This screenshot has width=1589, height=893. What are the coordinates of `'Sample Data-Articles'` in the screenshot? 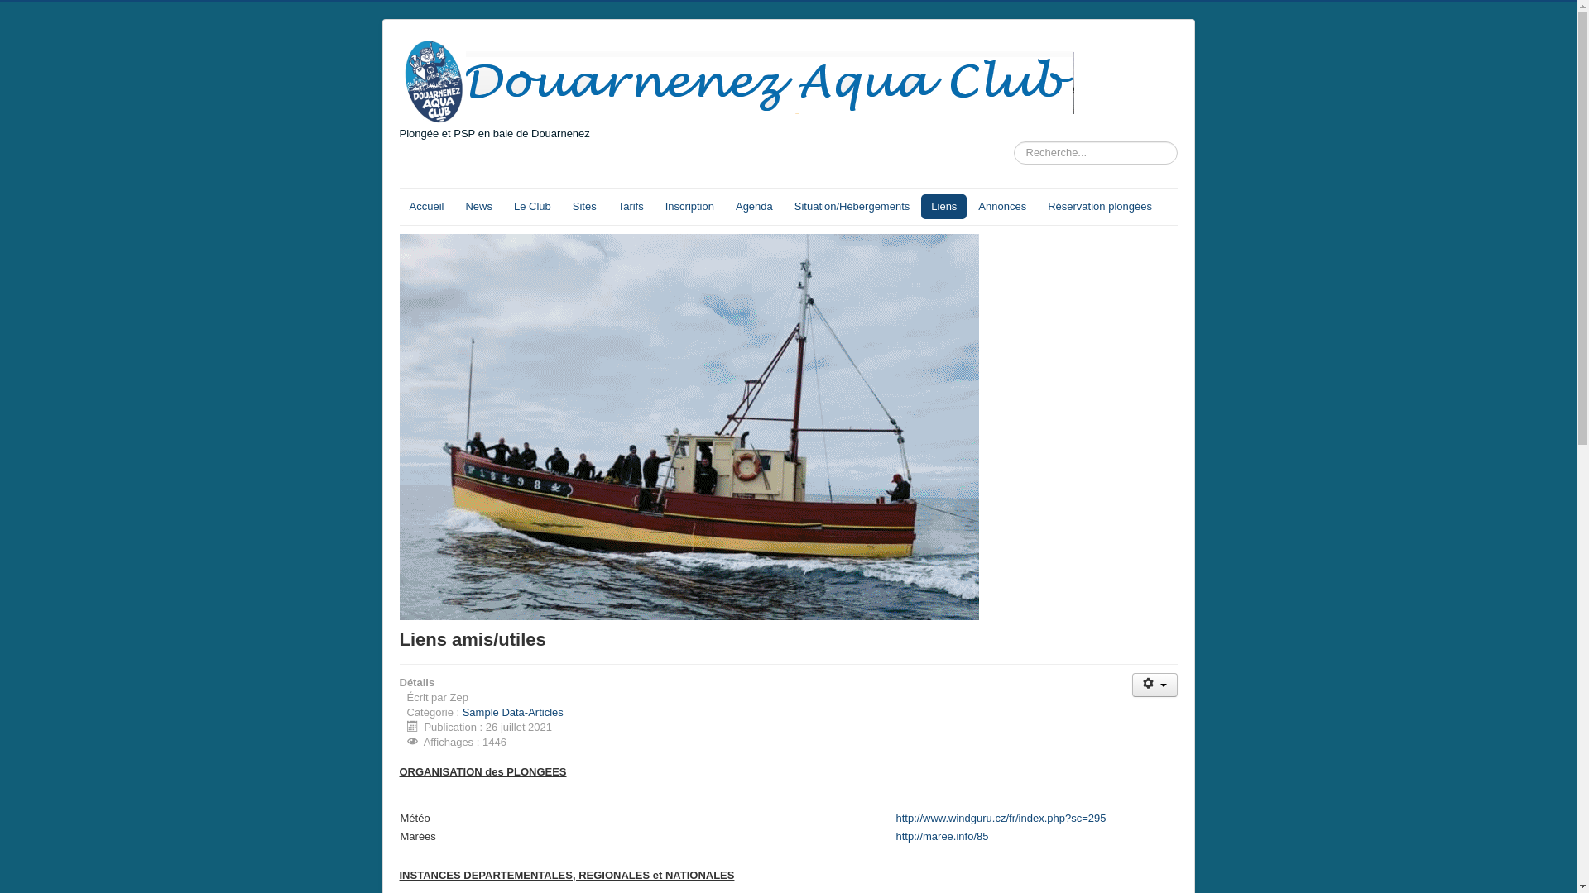 It's located at (462, 711).